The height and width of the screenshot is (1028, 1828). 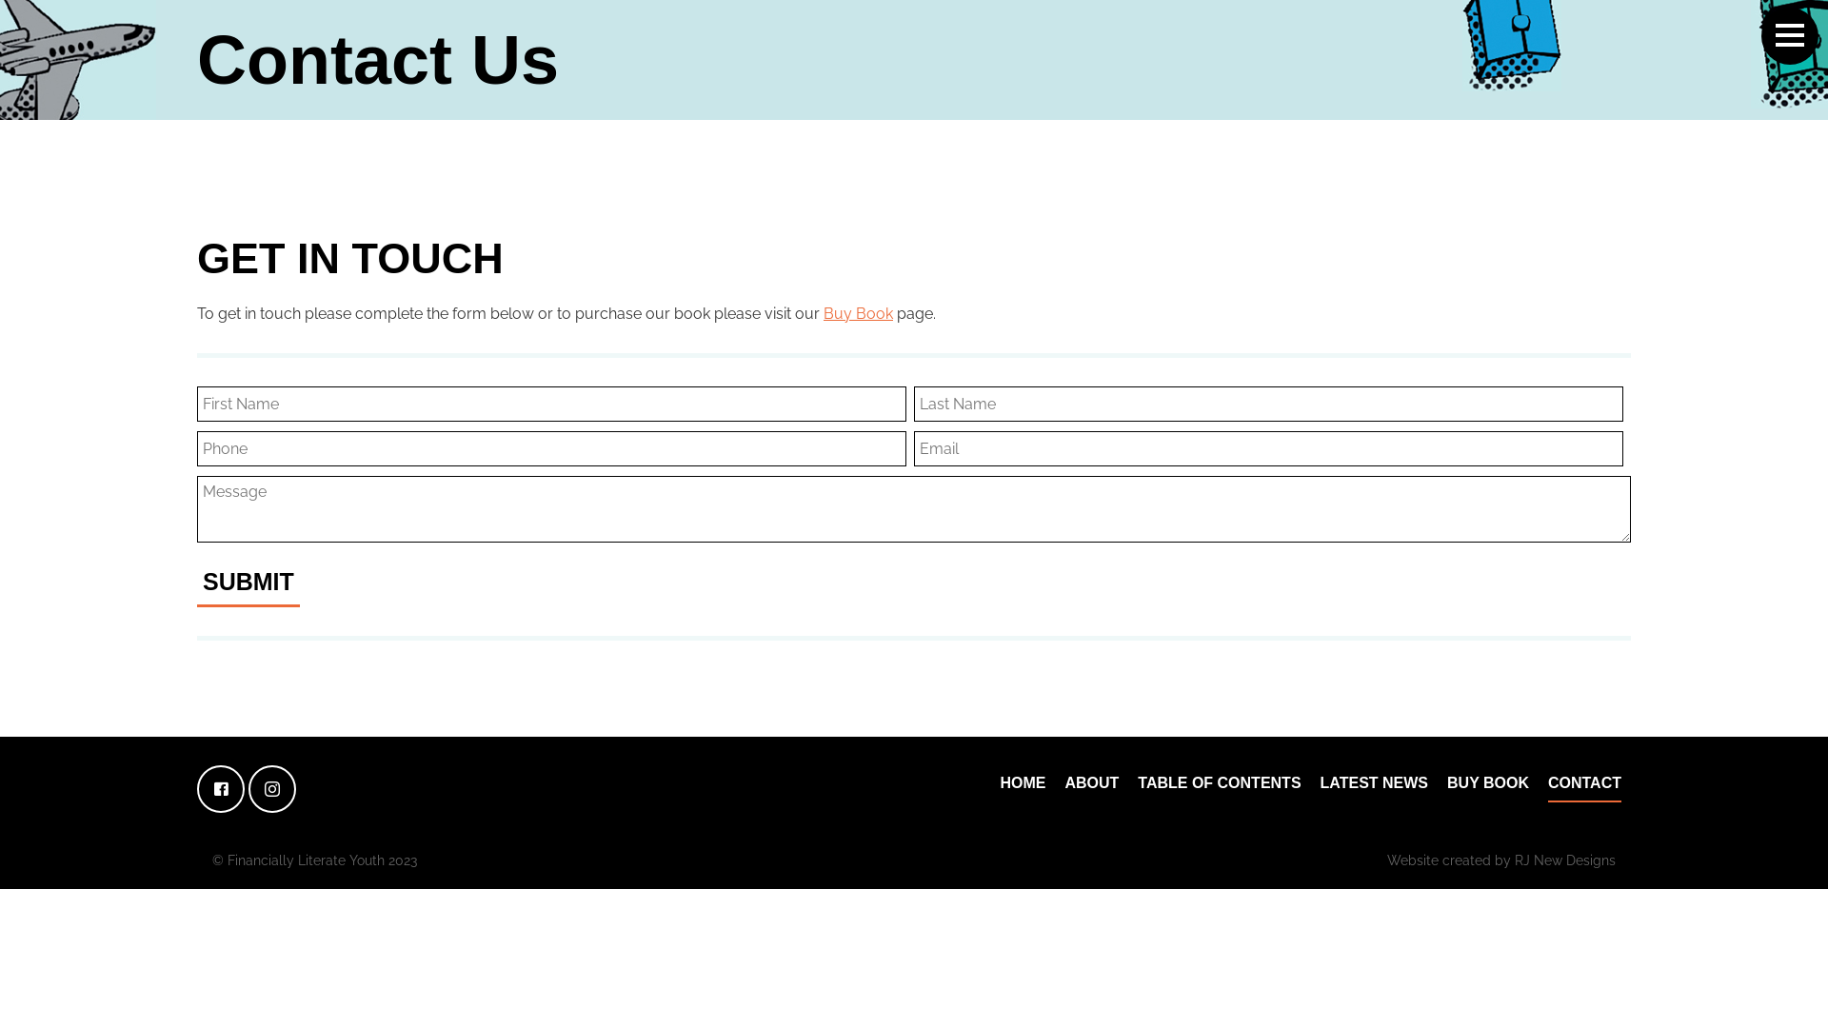 I want to click on 'Submit', so click(x=247, y=583).